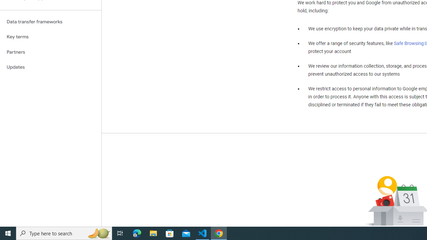 The image size is (427, 240). I want to click on 'Partners', so click(50, 52).